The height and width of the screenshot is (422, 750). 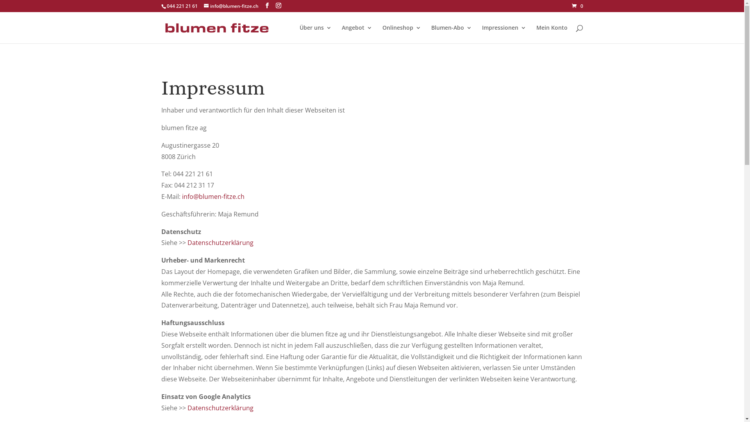 I want to click on 'Impressionen', so click(x=504, y=34).